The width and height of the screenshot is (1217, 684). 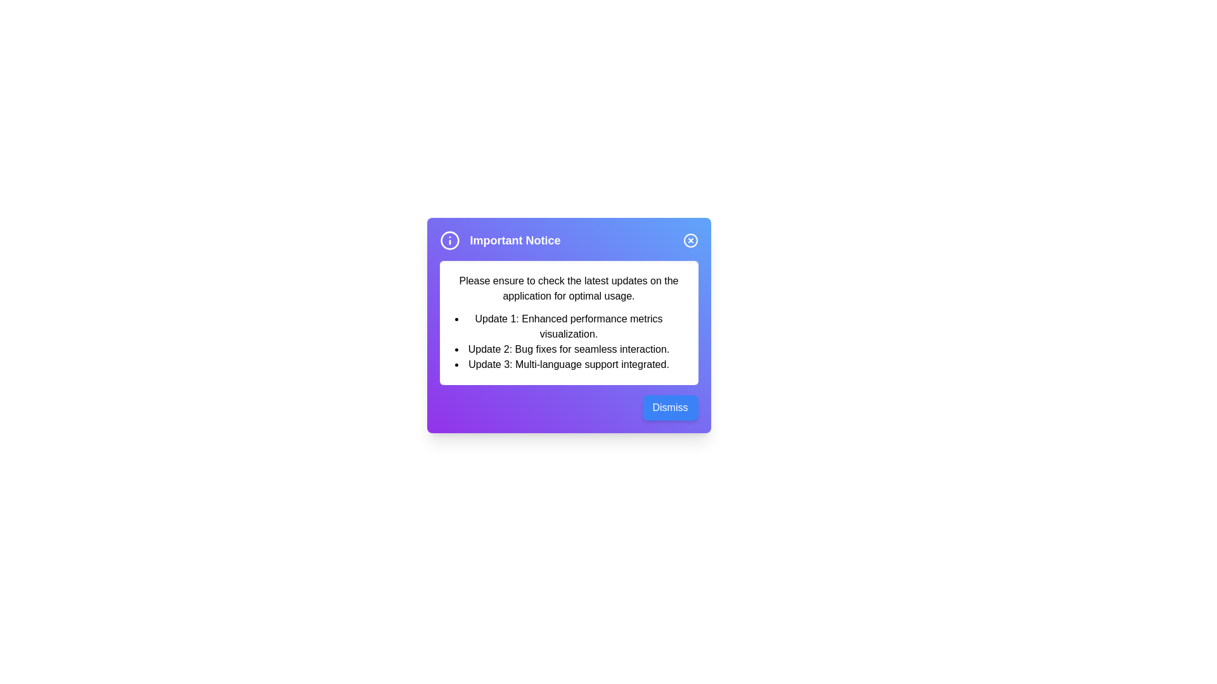 What do you see at coordinates (669, 408) in the screenshot?
I see `the 'Dismiss' button to view the hover effect` at bounding box center [669, 408].